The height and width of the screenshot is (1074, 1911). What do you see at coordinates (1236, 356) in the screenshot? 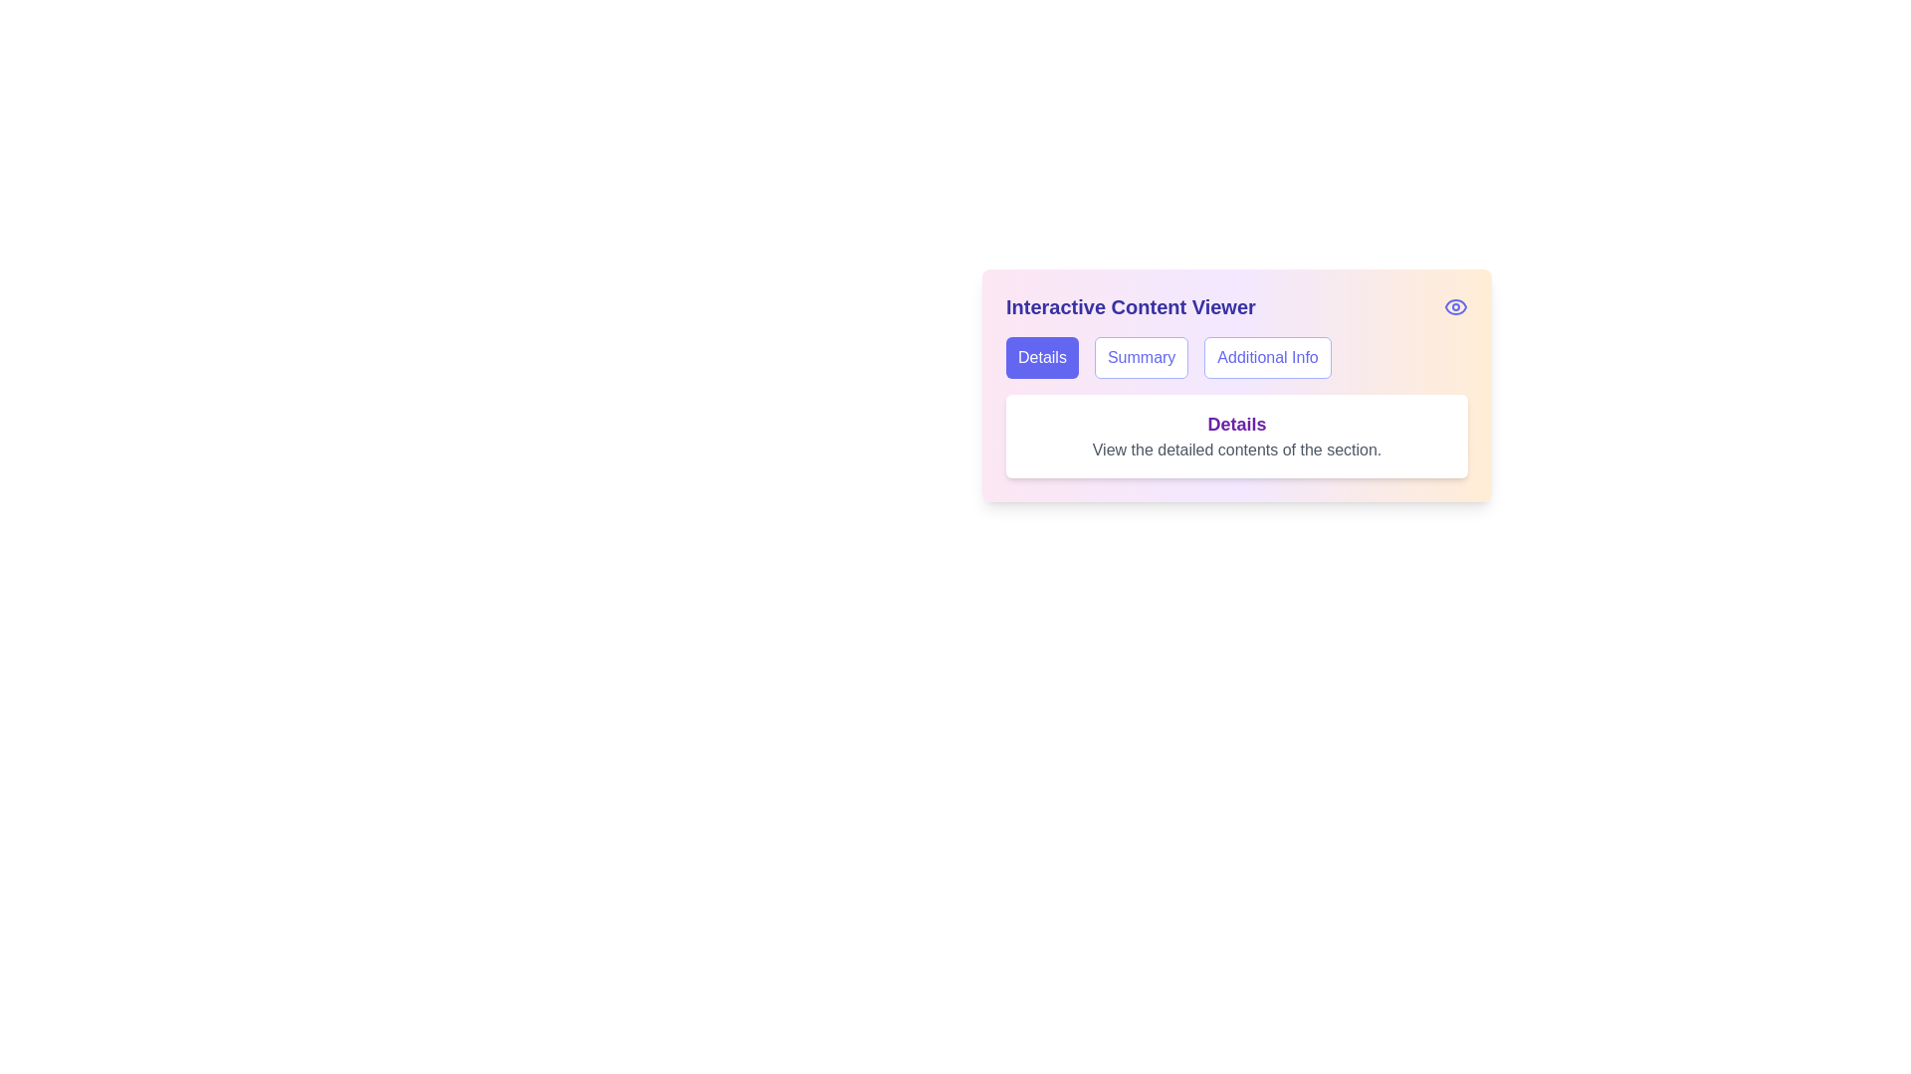
I see `the 'Details', 'Summary', and 'Additional Info' buttons in the Grouped buttons section of the 'Interactive Content Viewer'` at bounding box center [1236, 356].